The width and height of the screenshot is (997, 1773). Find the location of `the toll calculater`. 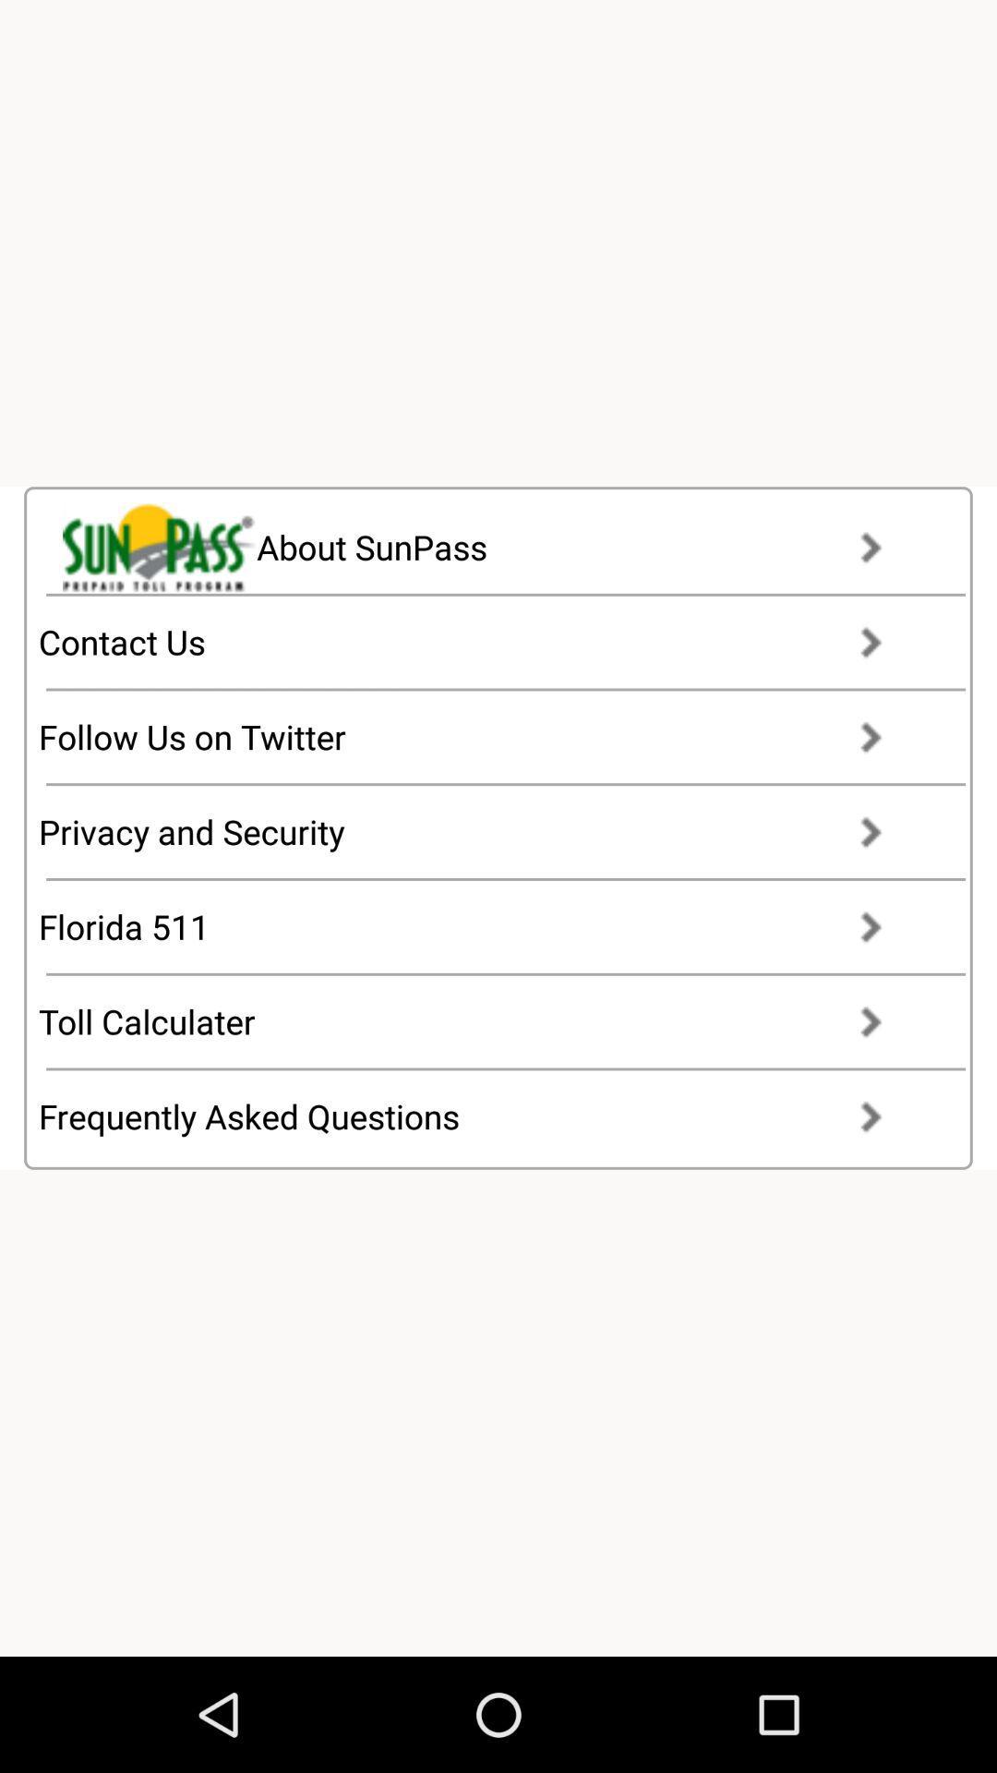

the toll calculater is located at coordinates (476, 1020).